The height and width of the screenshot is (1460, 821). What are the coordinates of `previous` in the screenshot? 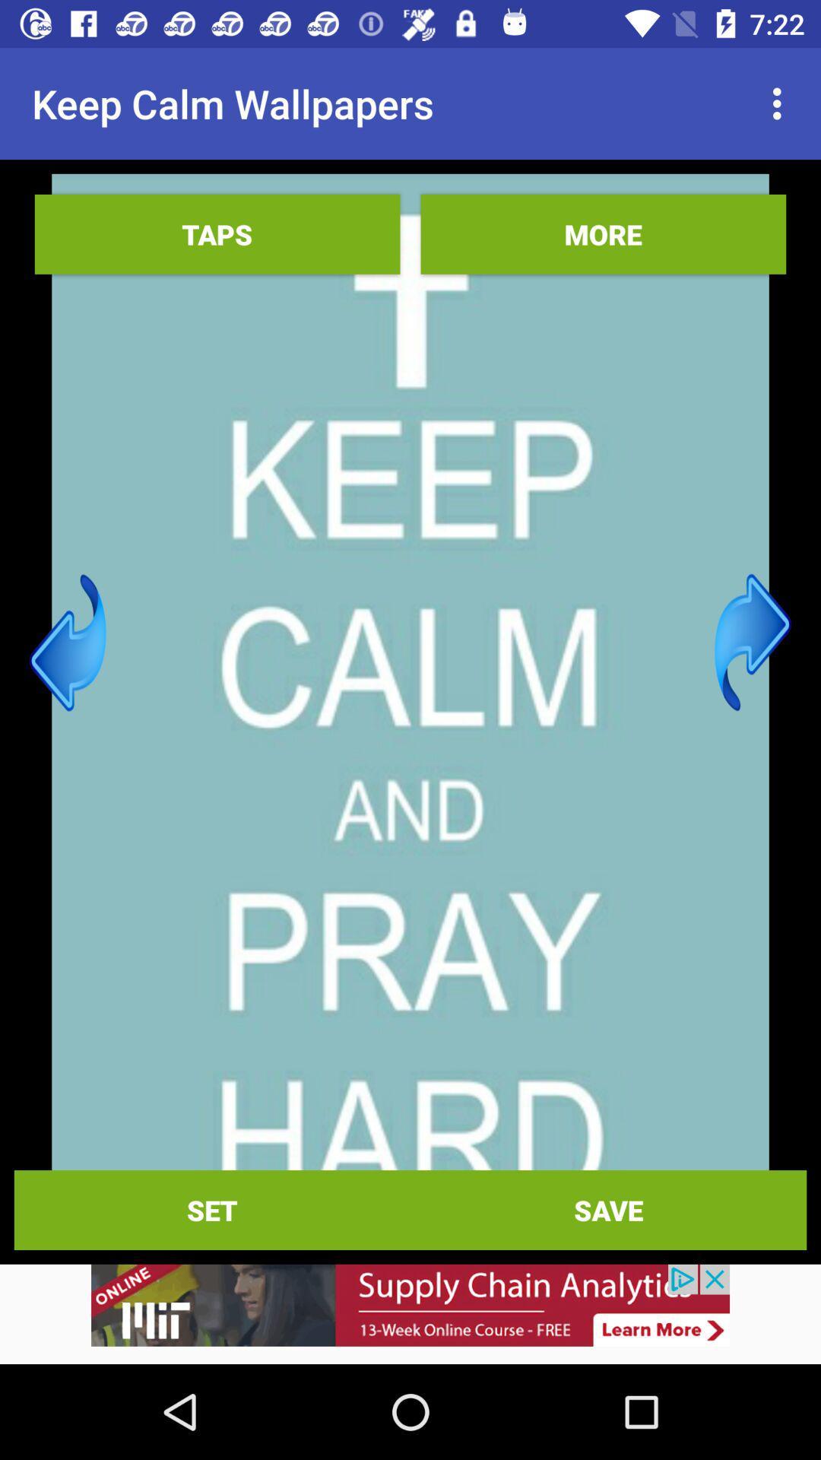 It's located at (67, 643).